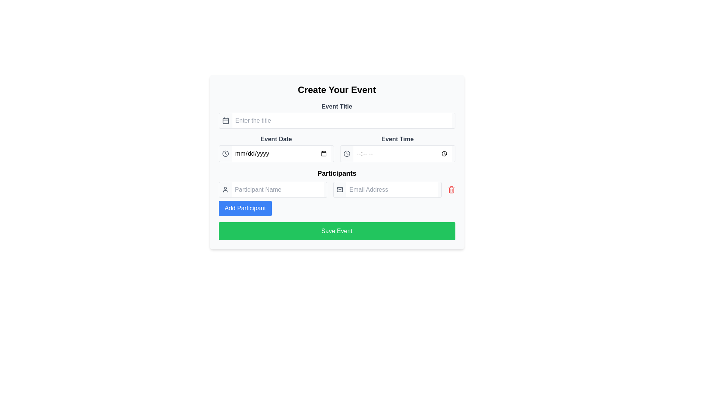 This screenshot has height=410, width=728. I want to click on the clock icon located to the left of the time input field in the 'Event Time' section, so click(346, 154).